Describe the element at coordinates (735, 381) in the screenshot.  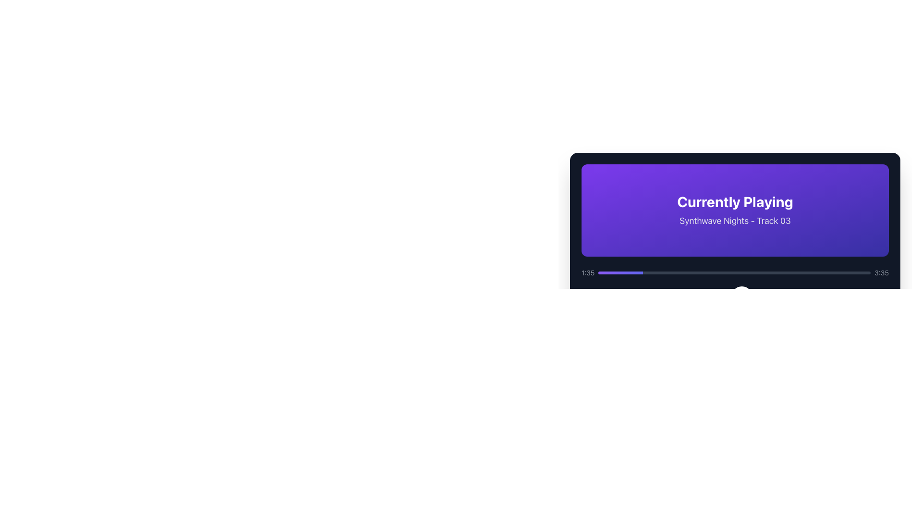
I see `the first playlist entry 'Synthwave Nights'` at that location.